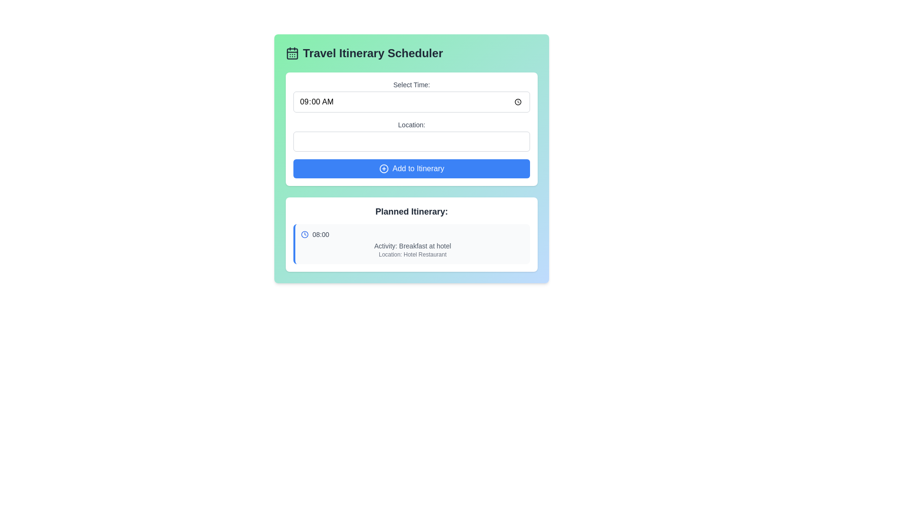 The height and width of the screenshot is (515, 916). What do you see at coordinates (321, 235) in the screenshot?
I see `the text label displaying the time value '08:00' located to the right of the clock icon in the planned activity section` at bounding box center [321, 235].